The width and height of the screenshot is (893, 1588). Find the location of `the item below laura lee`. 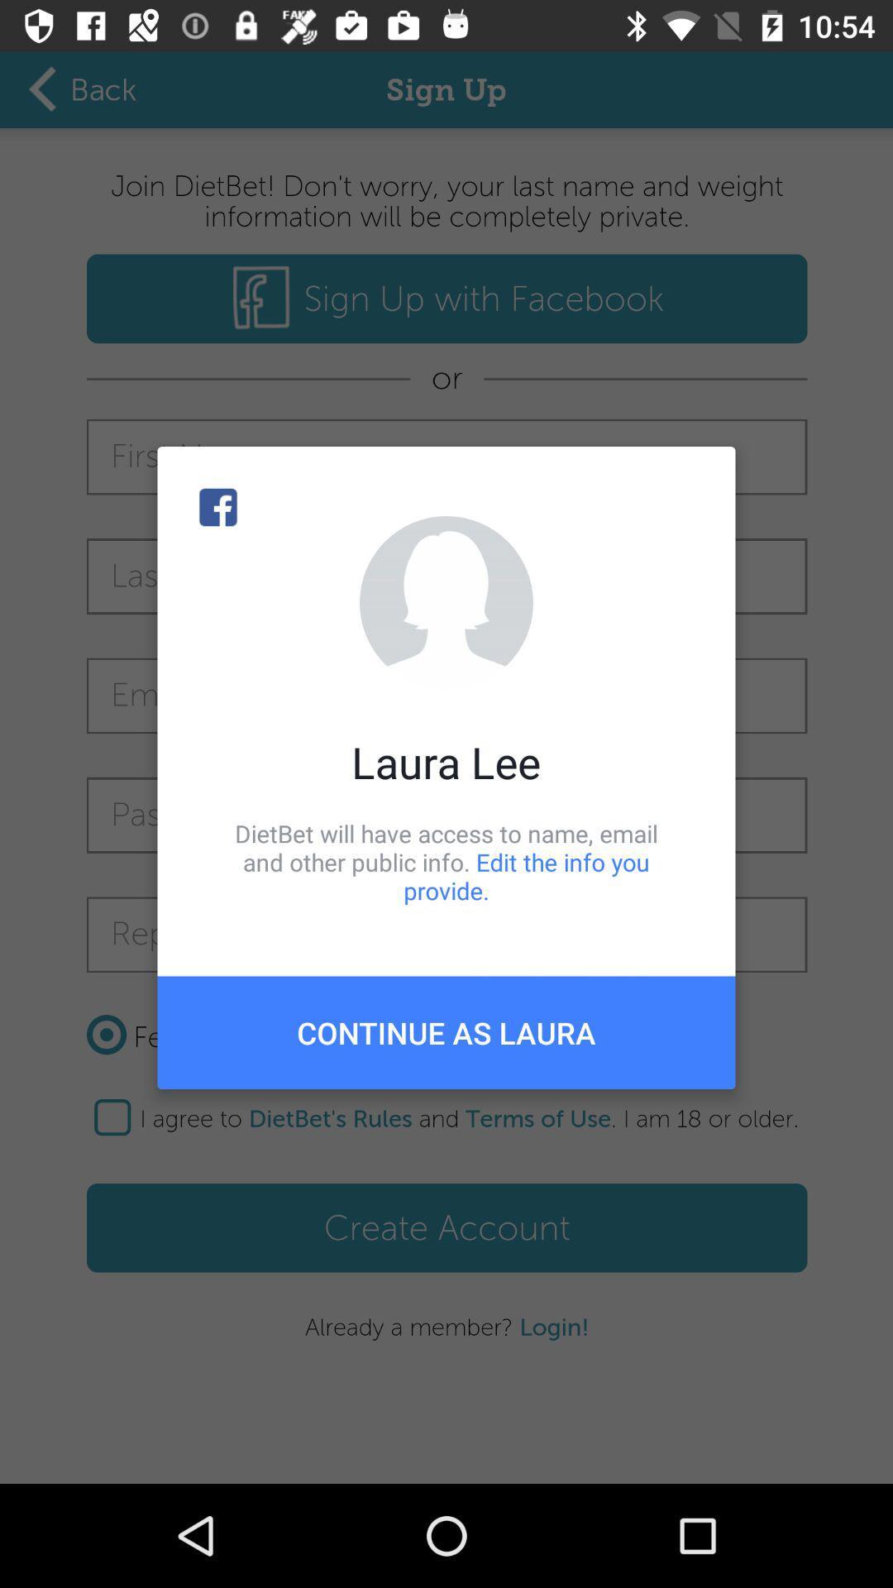

the item below laura lee is located at coordinates (446, 861).